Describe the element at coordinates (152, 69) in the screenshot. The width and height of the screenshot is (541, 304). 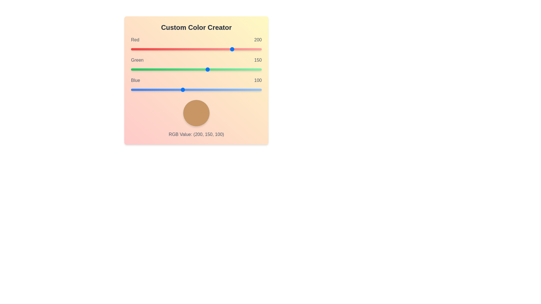
I see `the Green slider to set the green component to 42` at that location.